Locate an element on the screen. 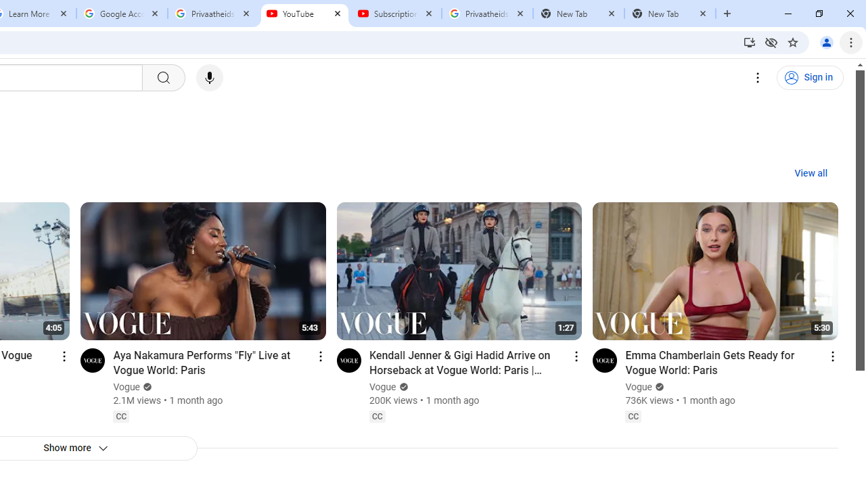  'View all' is located at coordinates (811, 173).